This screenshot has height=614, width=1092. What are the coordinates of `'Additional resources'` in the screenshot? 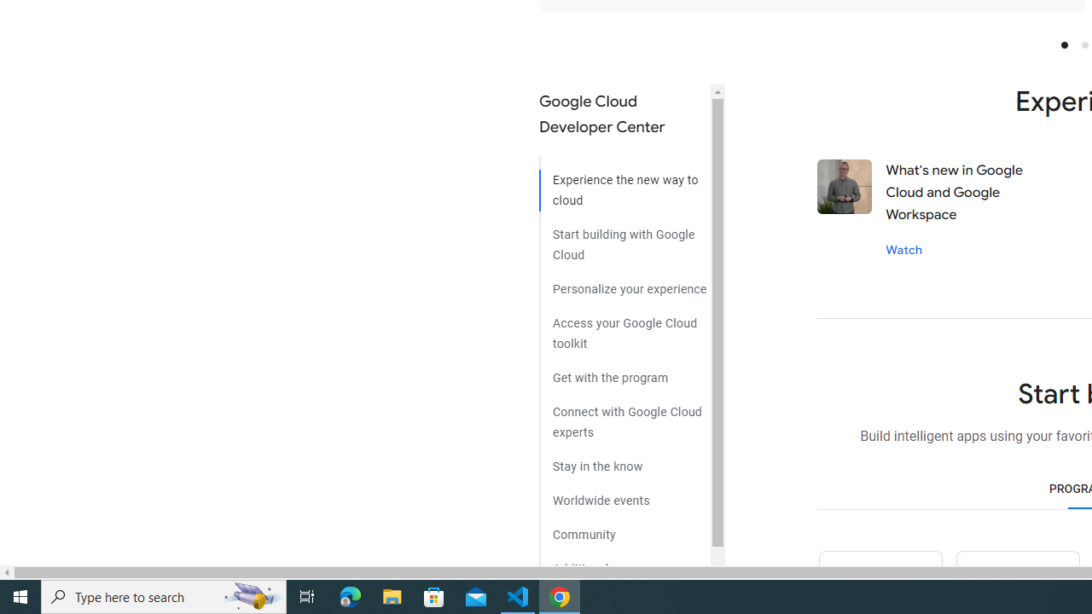 It's located at (624, 562).